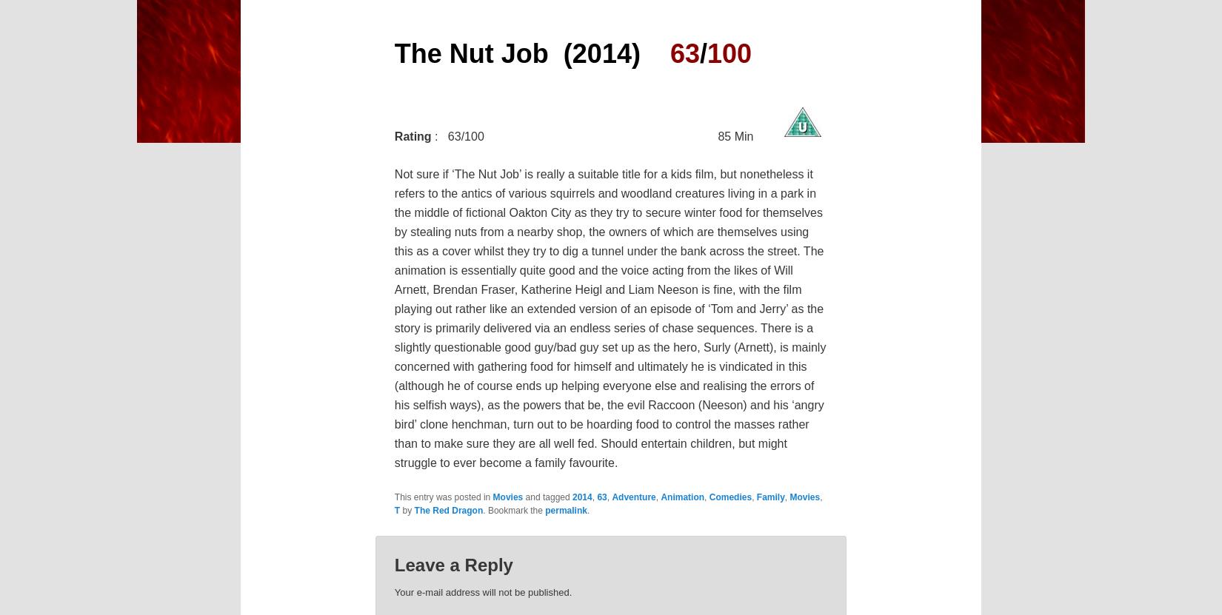 This screenshot has height=615, width=1222. What do you see at coordinates (730, 497) in the screenshot?
I see `'Comedies'` at bounding box center [730, 497].